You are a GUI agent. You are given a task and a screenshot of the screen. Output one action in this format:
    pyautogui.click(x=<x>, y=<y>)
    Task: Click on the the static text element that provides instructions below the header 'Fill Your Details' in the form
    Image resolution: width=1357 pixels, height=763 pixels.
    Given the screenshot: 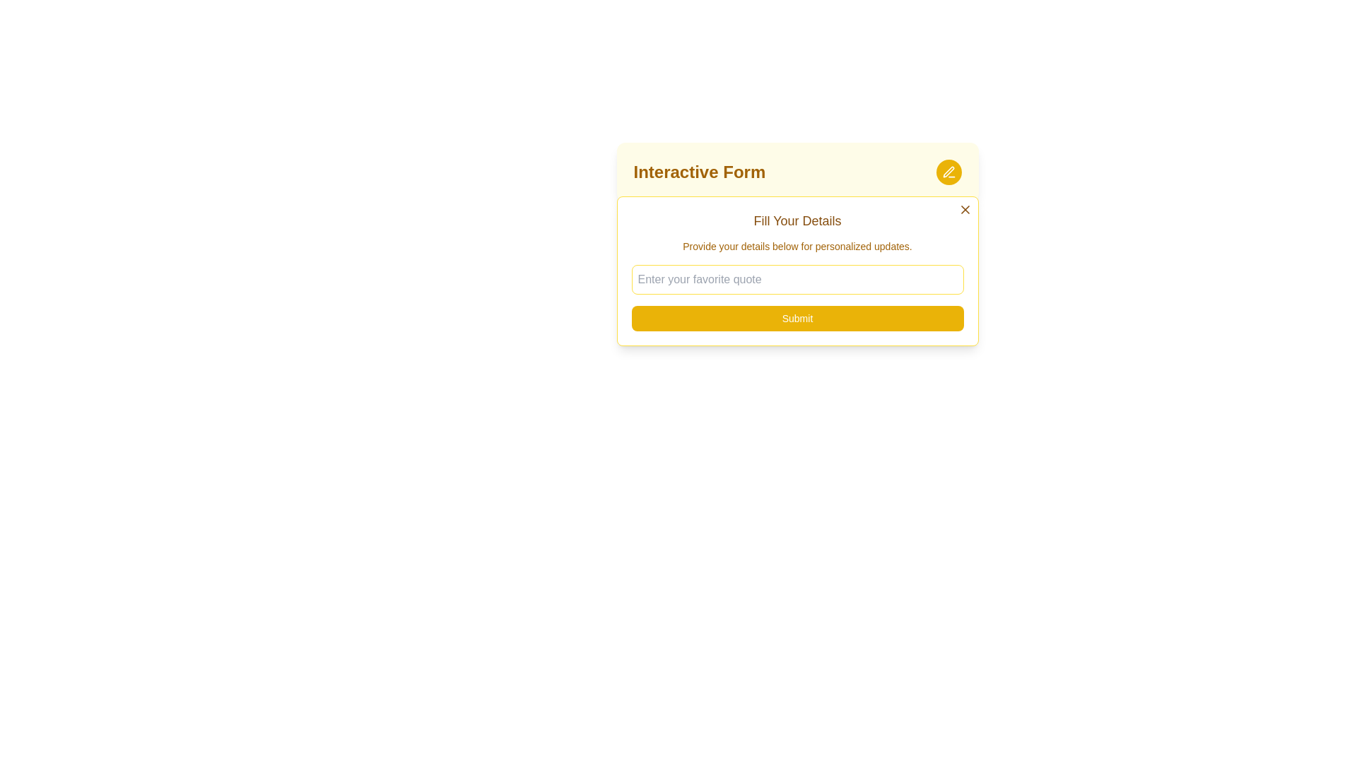 What is the action you would take?
    pyautogui.click(x=797, y=245)
    